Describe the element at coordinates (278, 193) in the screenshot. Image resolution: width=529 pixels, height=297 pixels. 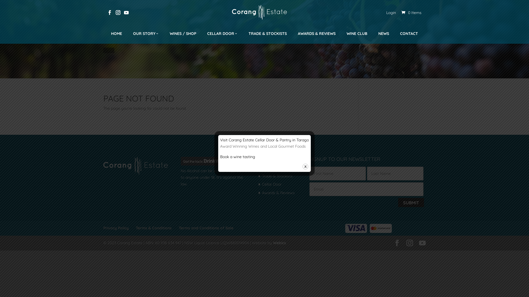
I see `'Awards & Reviews'` at that location.